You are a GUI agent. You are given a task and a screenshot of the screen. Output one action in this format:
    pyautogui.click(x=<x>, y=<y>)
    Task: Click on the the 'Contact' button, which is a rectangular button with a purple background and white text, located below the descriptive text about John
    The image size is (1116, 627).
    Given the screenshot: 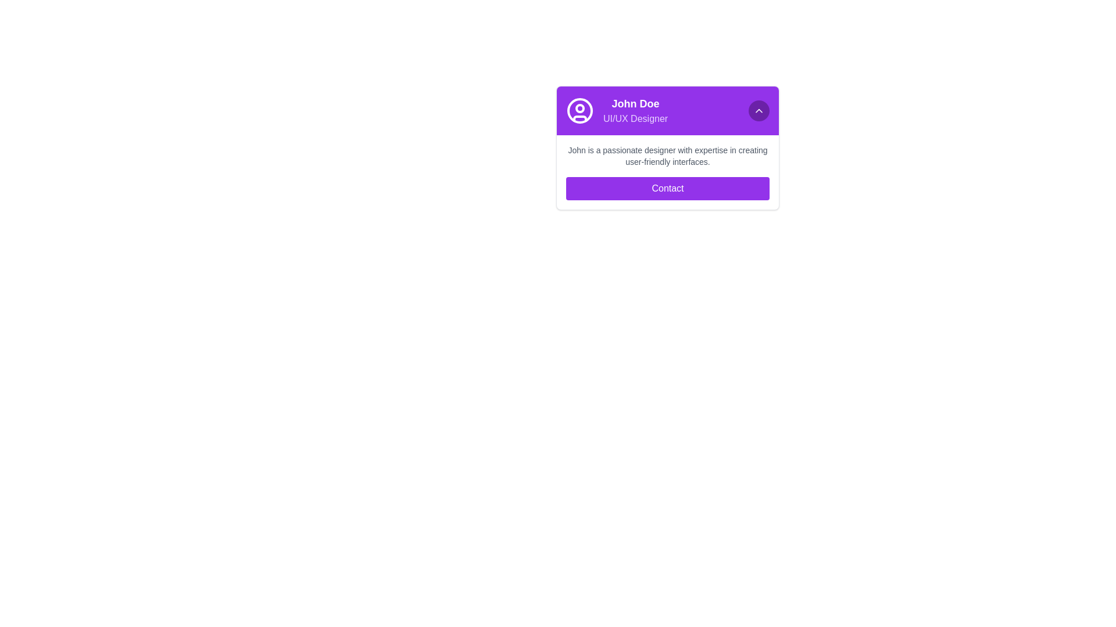 What is the action you would take?
    pyautogui.click(x=667, y=188)
    